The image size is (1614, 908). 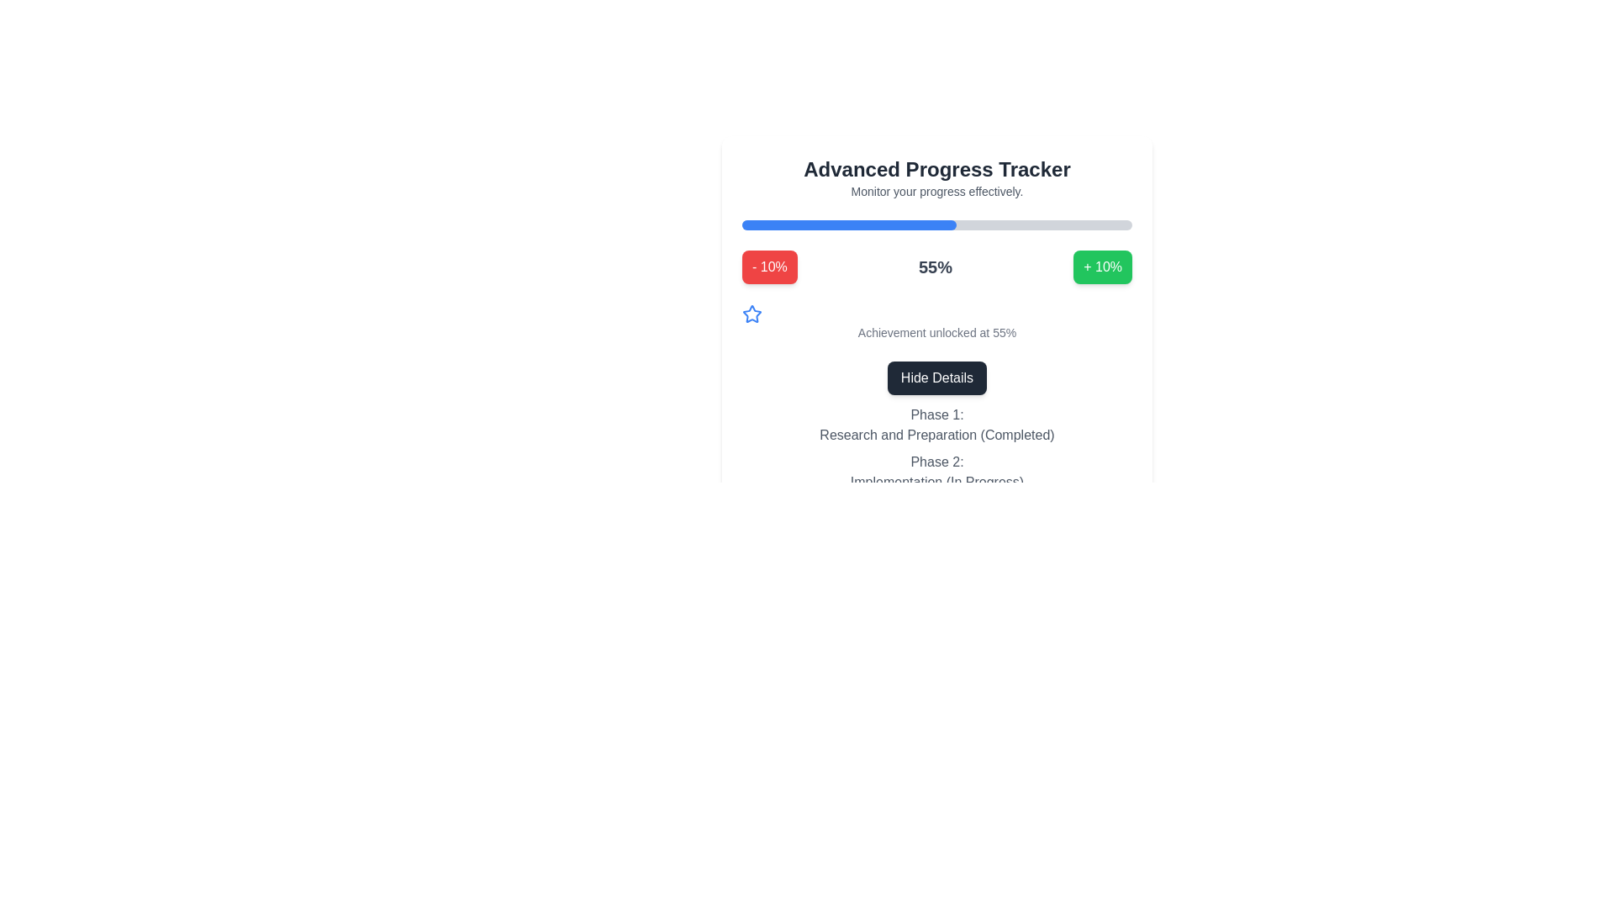 I want to click on the text display that shows 'Research and Preparation (Completed)' located beneath the 'Phase 1:' label in the progress tracker, so click(x=936, y=434).